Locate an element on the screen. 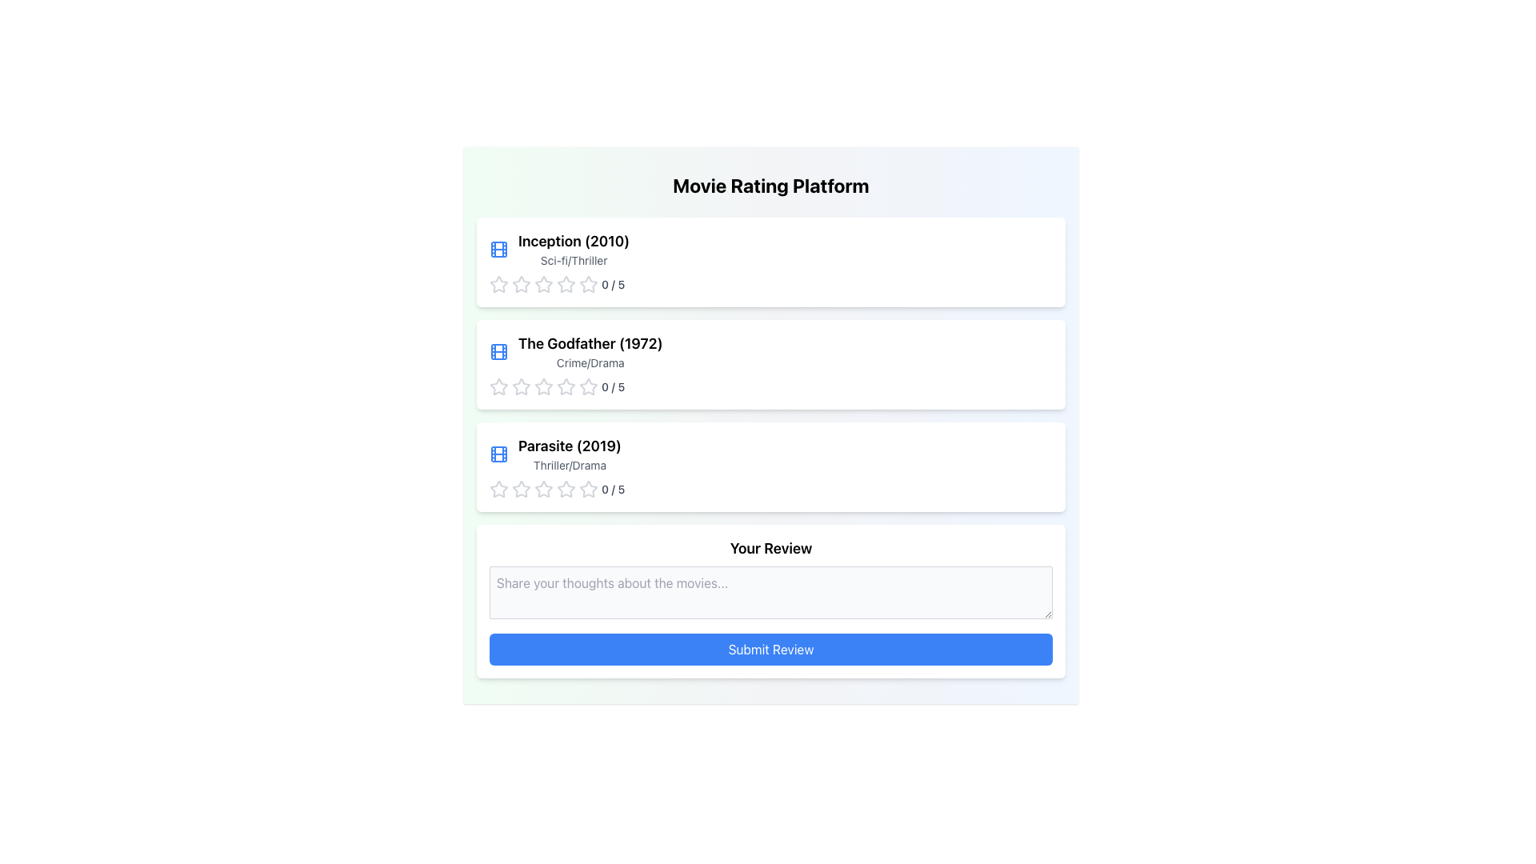 The width and height of the screenshot is (1536, 864). the submit button located in the 'Your Review' section, positioned directly below the text input box is located at coordinates (771, 650).